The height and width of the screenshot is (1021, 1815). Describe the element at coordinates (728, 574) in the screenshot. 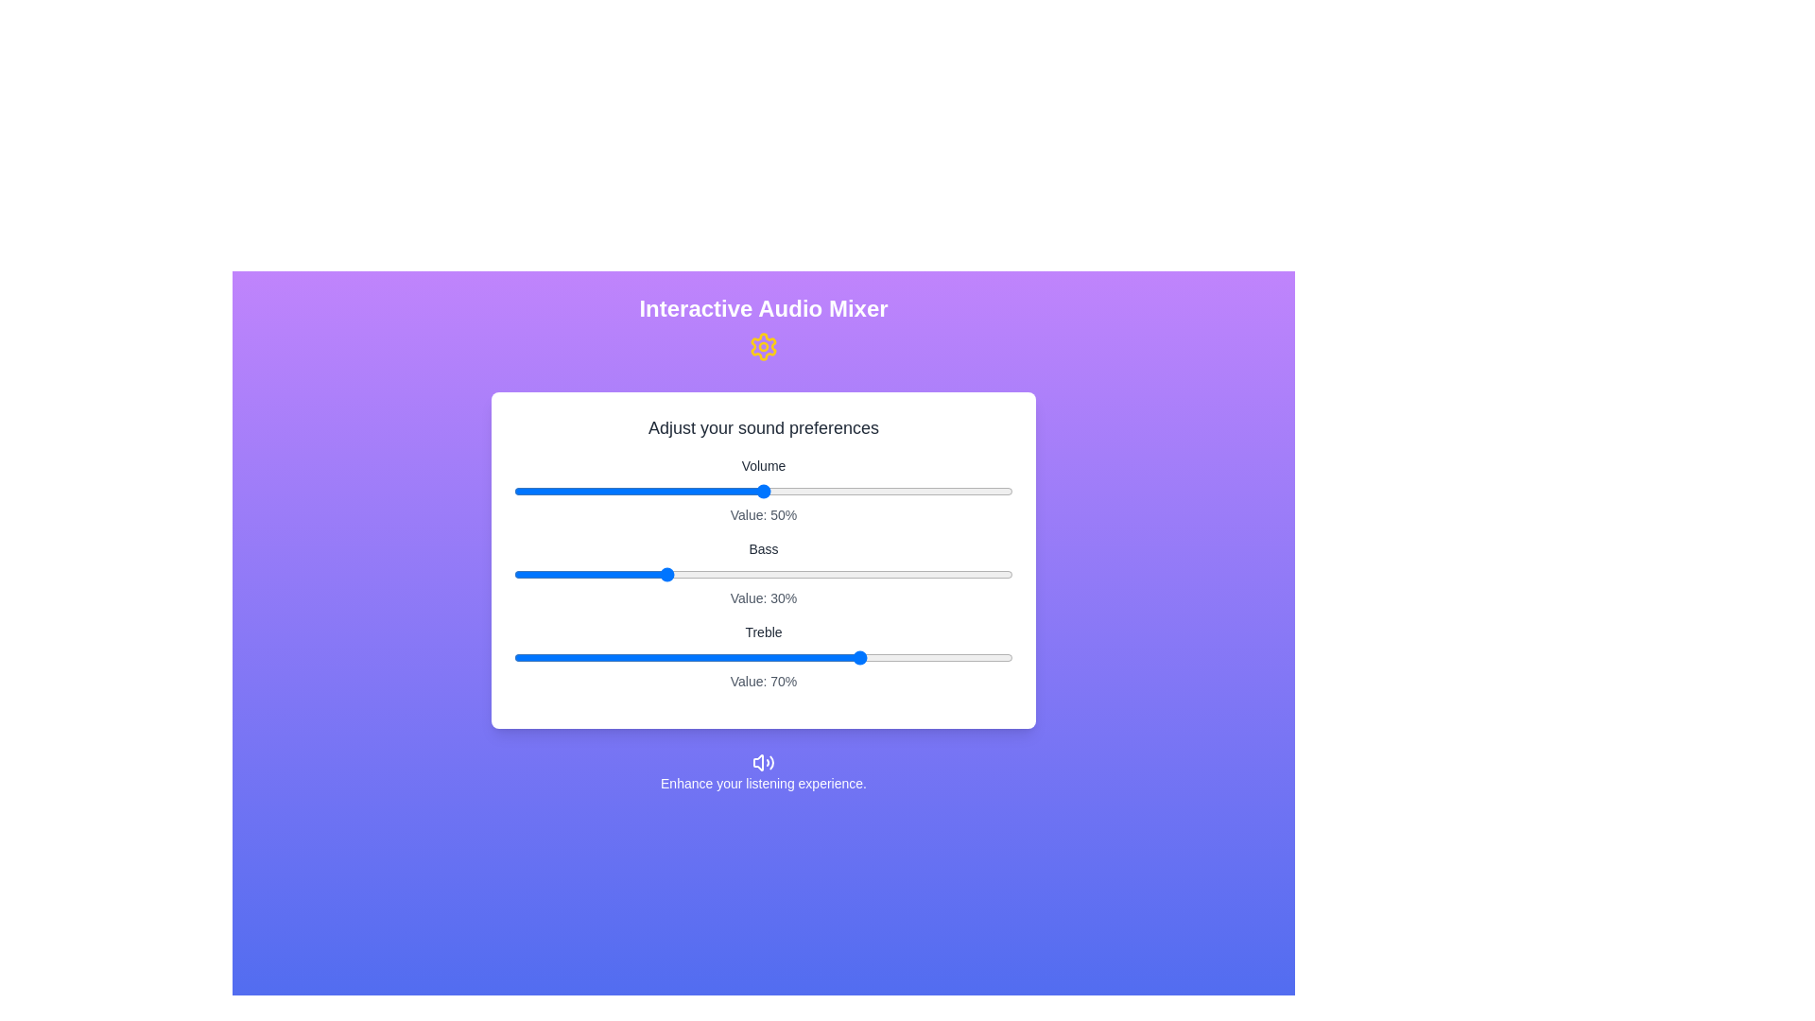

I see `the slider for 1 to 43%` at that location.